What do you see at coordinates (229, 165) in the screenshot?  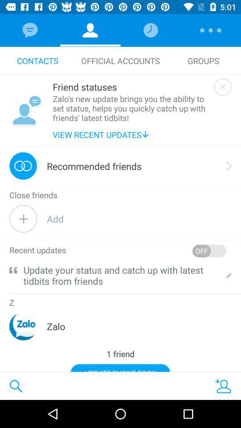 I see `the icon to the right of recommended friends icon` at bounding box center [229, 165].